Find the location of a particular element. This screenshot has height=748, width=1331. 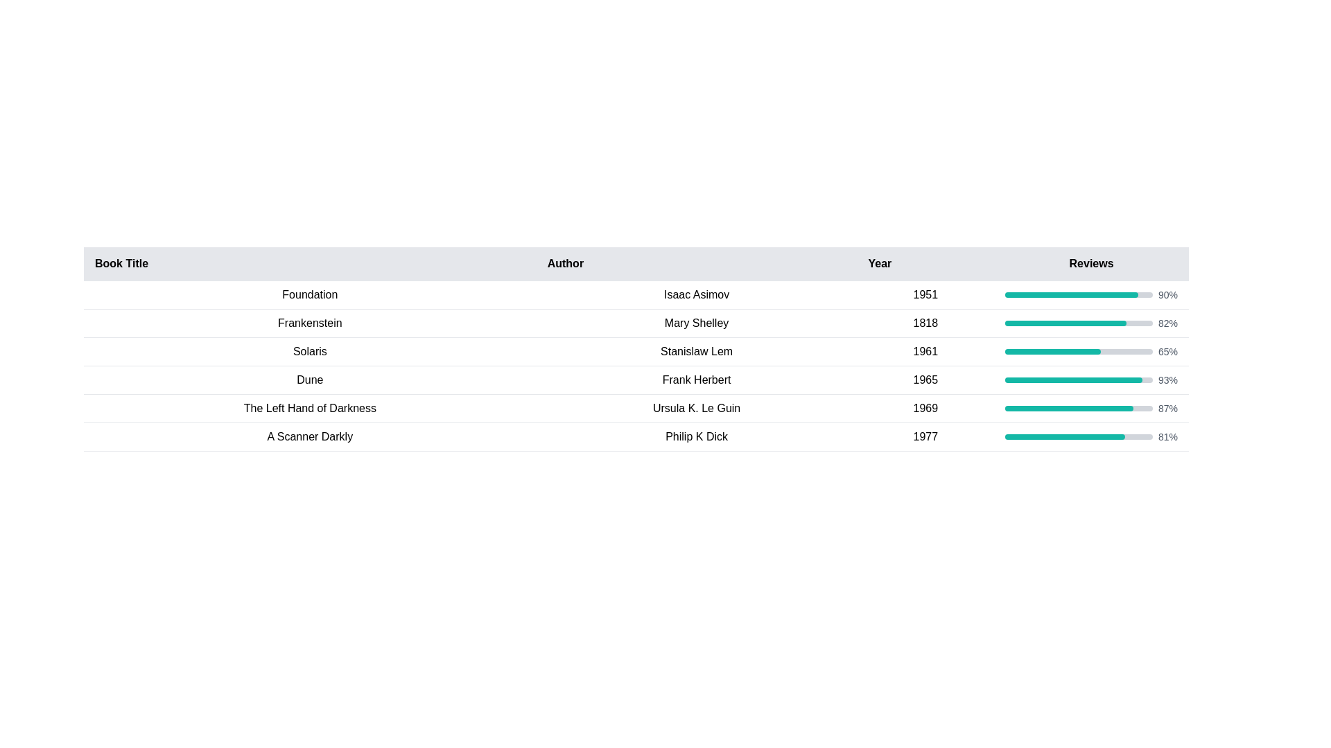

percentage text '90%' from the Progress Bar with Percentage Indicator located in the 'Reviews' column for the book 'Foundation' by Isaac Asimov is located at coordinates (1090, 294).